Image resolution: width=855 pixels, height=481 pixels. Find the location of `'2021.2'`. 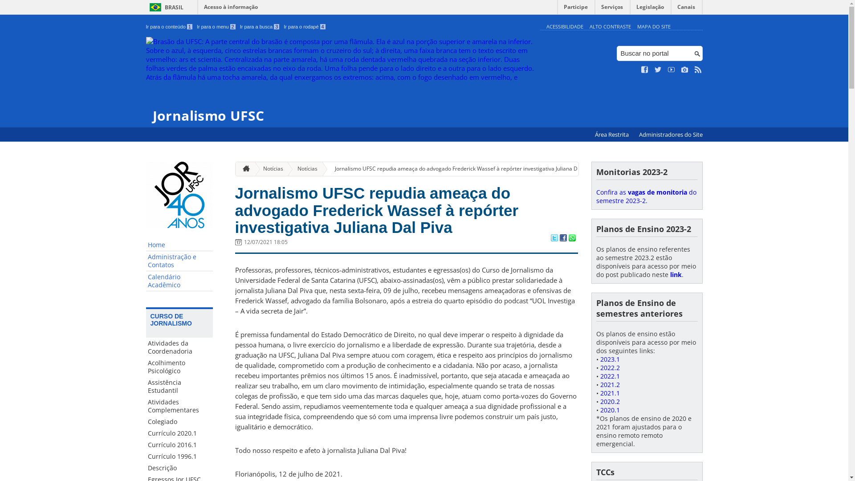

'2021.2' is located at coordinates (609, 384).